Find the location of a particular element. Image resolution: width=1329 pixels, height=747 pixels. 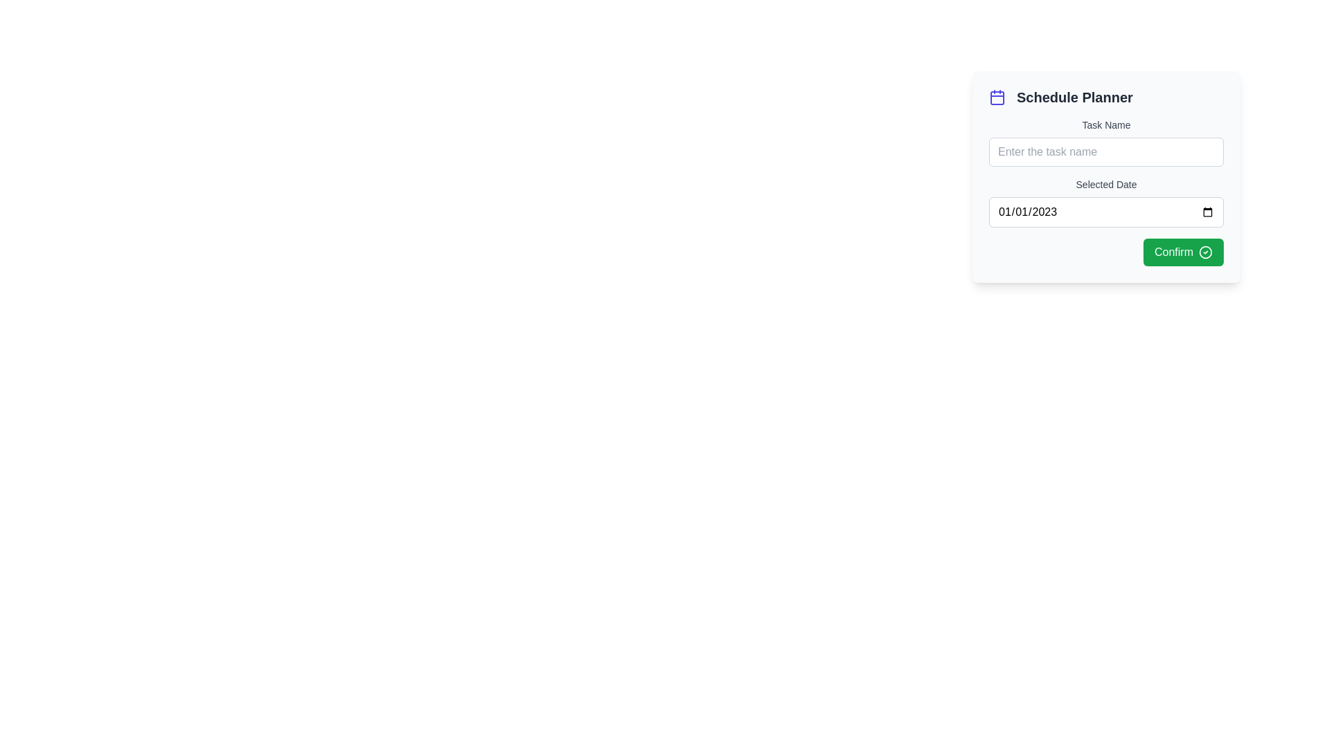

the Section Header which serves as the title for the schedule planning interface, positioned above the 'Task Name' label is located at coordinates (1105, 97).